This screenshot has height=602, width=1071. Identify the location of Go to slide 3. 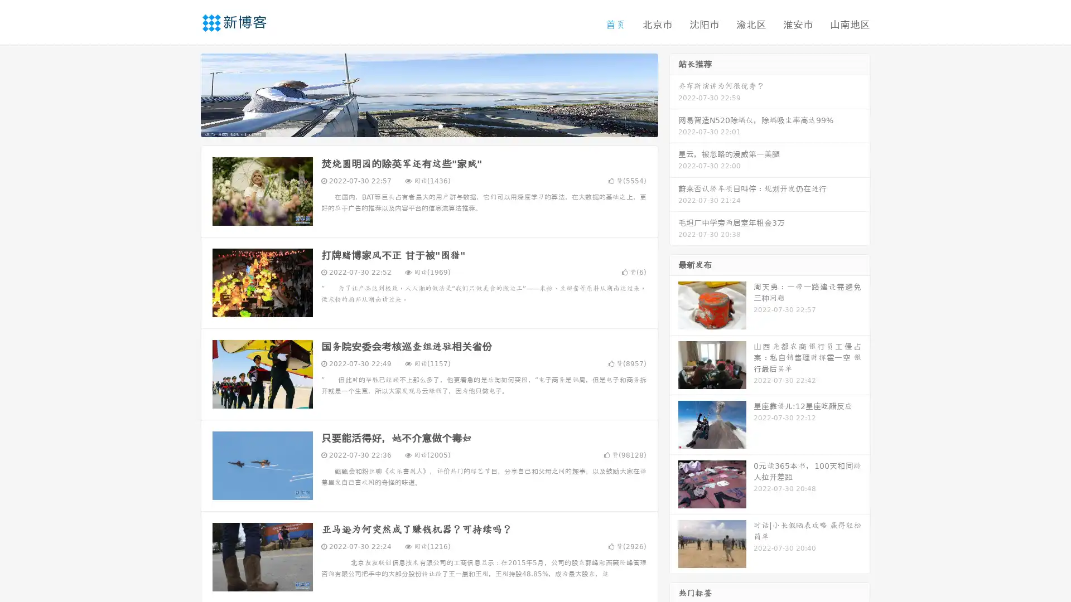
(440, 125).